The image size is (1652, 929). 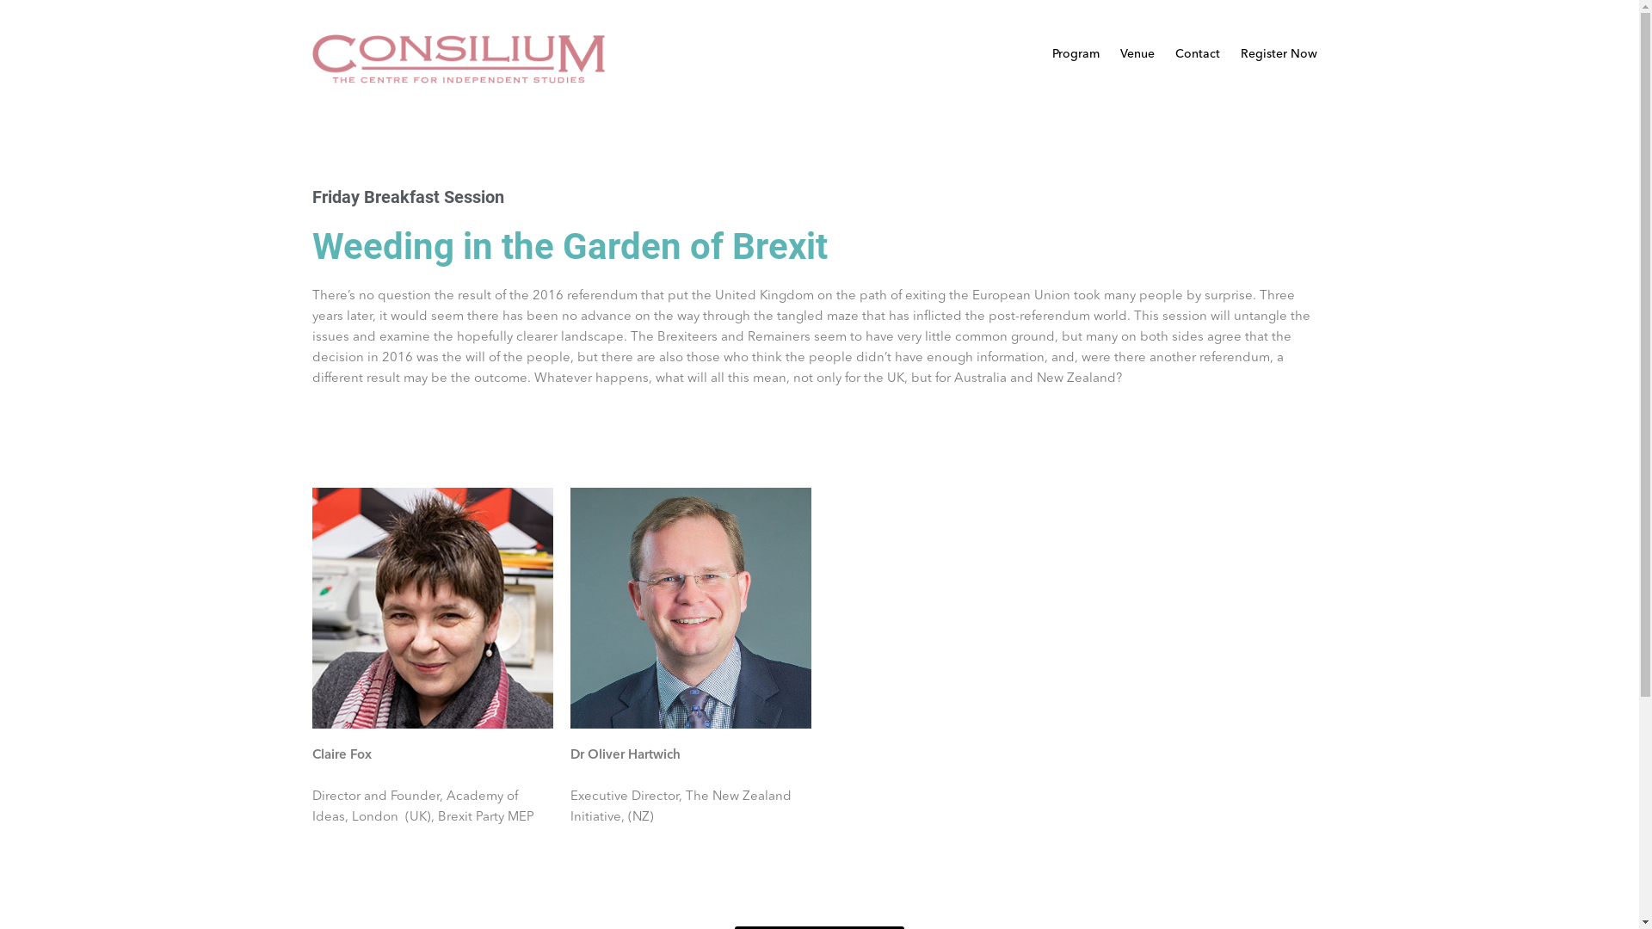 I want to click on 'Program', so click(x=1074, y=52).